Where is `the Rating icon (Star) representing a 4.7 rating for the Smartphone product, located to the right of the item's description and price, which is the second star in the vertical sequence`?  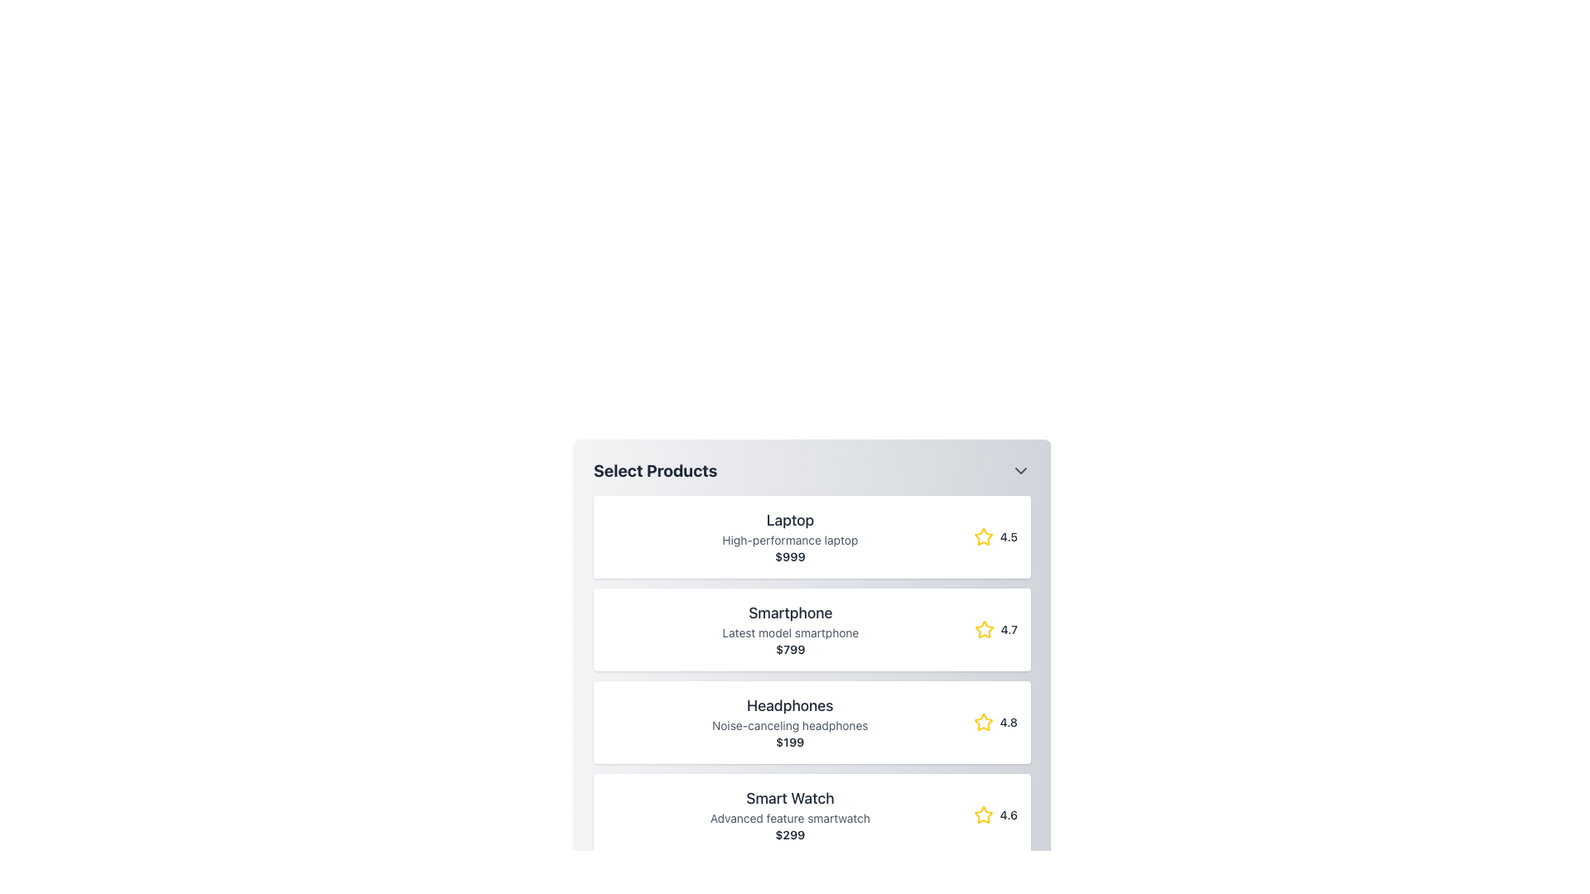
the Rating icon (Star) representing a 4.7 rating for the Smartphone product, located to the right of the item's description and price, which is the second star in the vertical sequence is located at coordinates (984, 629).